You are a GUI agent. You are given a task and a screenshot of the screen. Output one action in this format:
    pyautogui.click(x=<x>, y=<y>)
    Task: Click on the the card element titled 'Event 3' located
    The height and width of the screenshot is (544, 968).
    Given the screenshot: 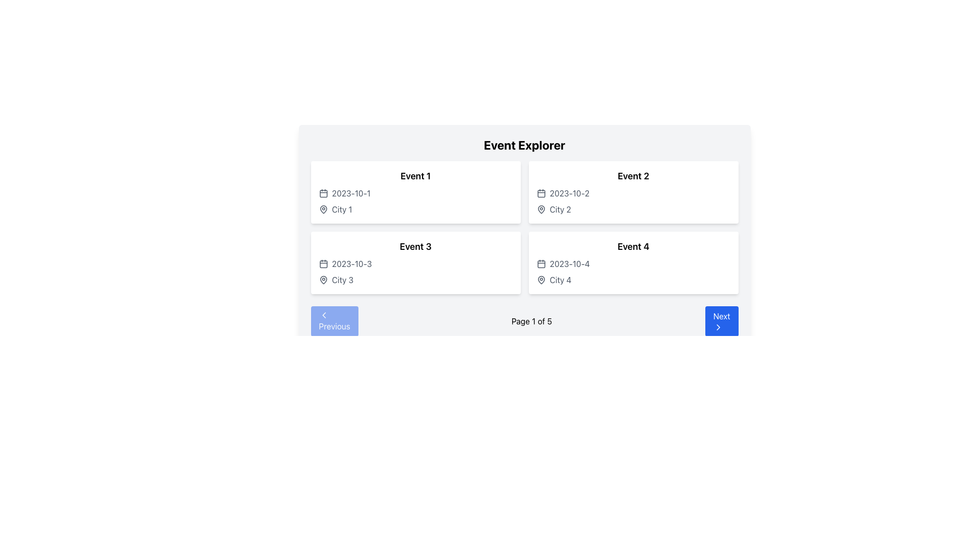 What is the action you would take?
    pyautogui.click(x=415, y=262)
    